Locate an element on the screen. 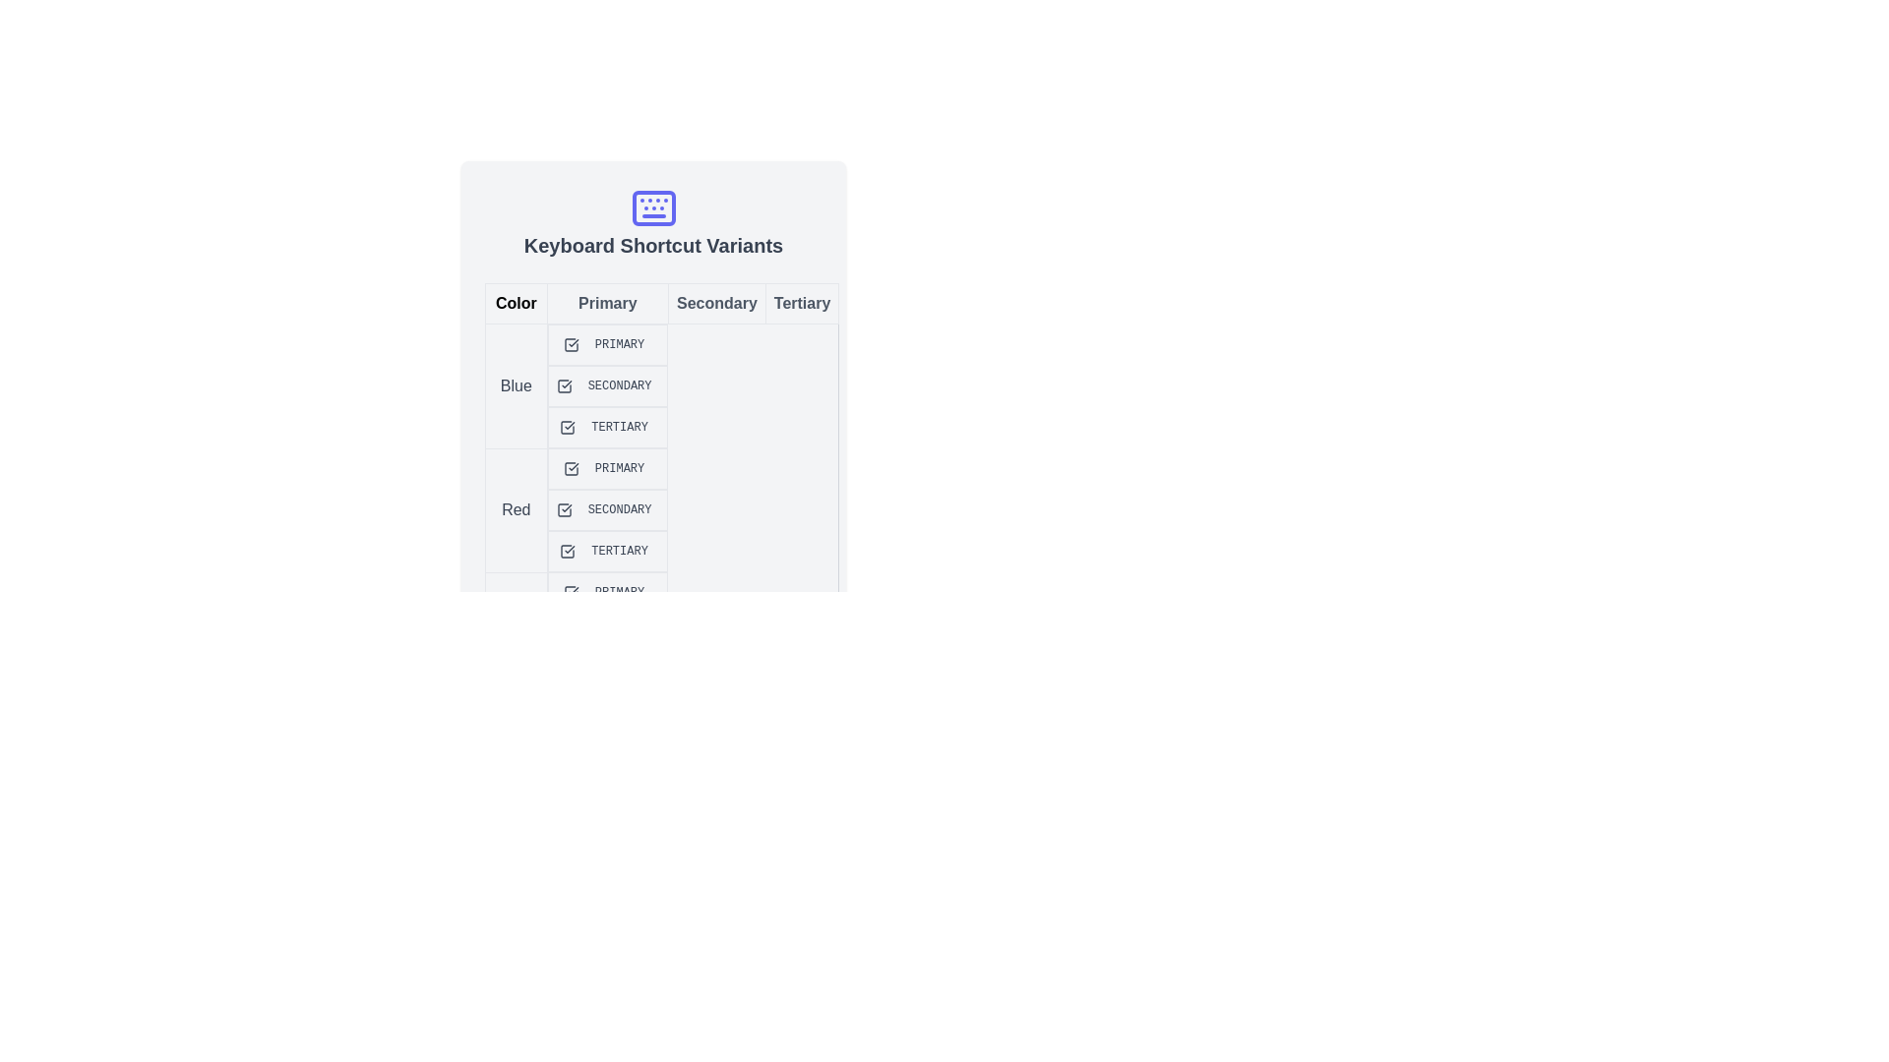 The width and height of the screenshot is (1889, 1062). the red-tinted checkmark icon located in the 'Secondary' column of the row labeled 'Red' in the table is located at coordinates (563, 509).